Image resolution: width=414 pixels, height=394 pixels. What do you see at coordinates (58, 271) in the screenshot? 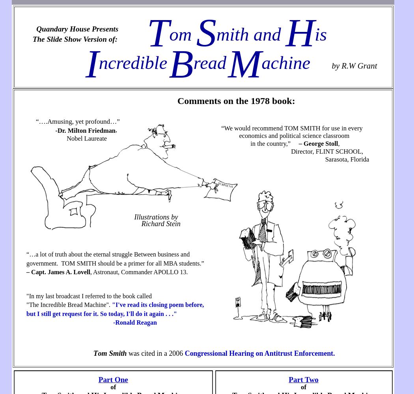
I see `'– Capt. James A. Lovell'` at bounding box center [58, 271].